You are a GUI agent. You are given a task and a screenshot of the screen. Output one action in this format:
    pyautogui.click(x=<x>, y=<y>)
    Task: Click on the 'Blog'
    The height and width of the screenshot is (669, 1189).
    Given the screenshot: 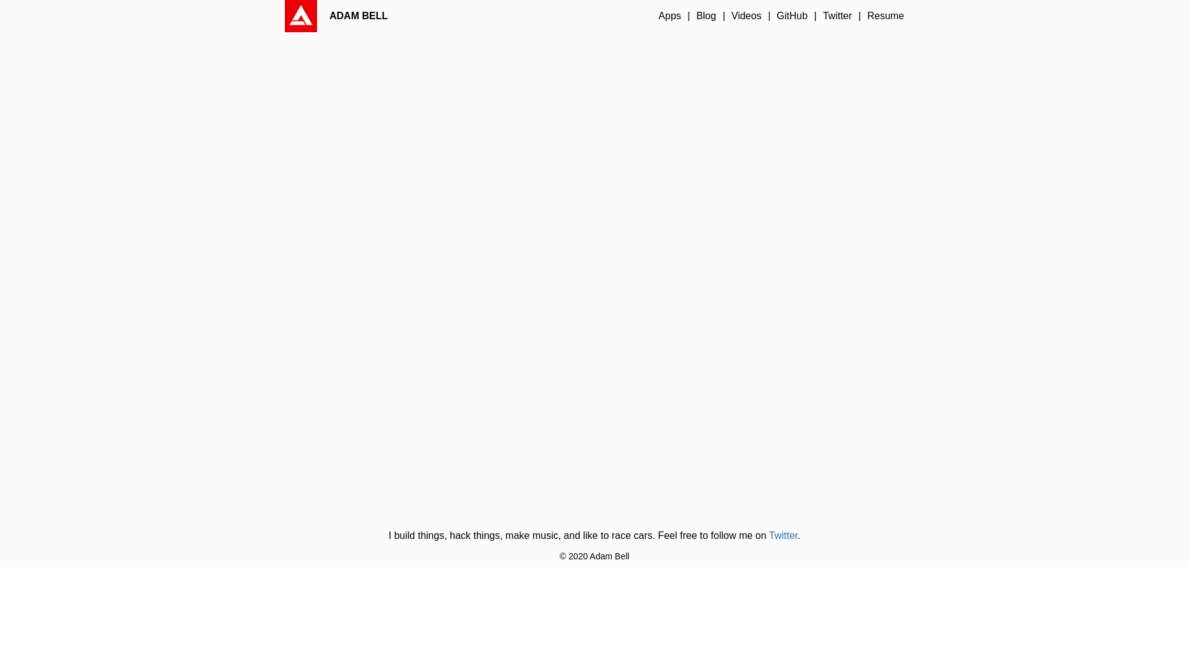 What is the action you would take?
    pyautogui.click(x=706, y=15)
    